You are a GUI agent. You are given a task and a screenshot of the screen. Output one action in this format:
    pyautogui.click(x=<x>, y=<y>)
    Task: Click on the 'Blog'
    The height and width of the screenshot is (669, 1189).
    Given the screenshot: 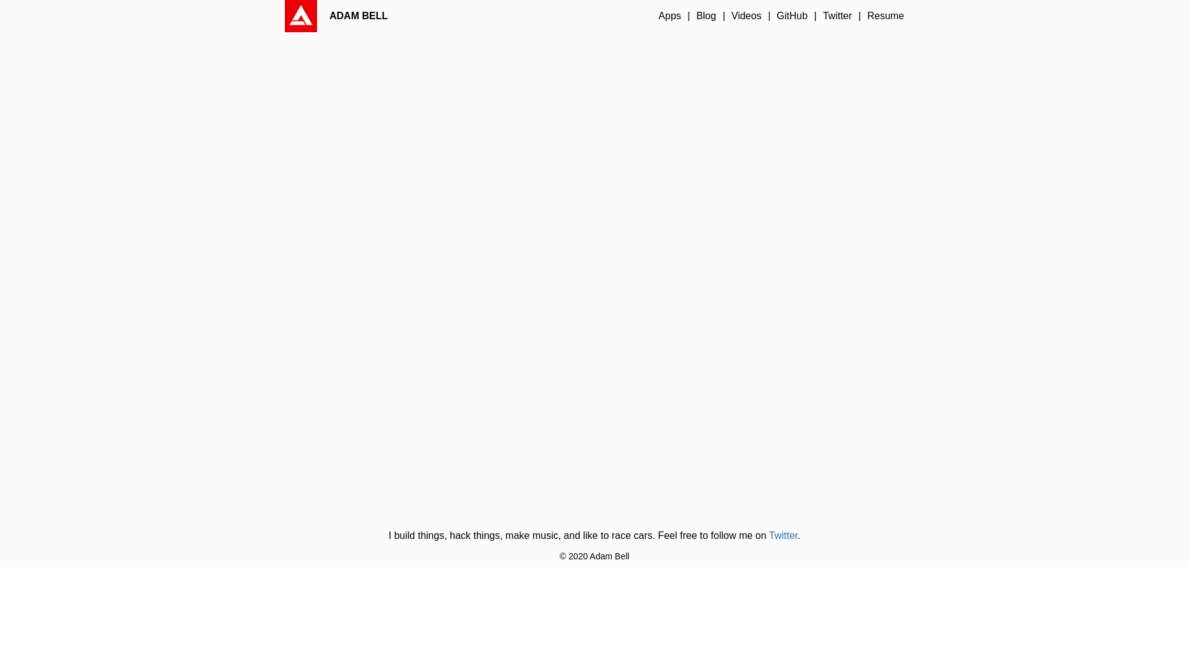 What is the action you would take?
    pyautogui.click(x=706, y=15)
    